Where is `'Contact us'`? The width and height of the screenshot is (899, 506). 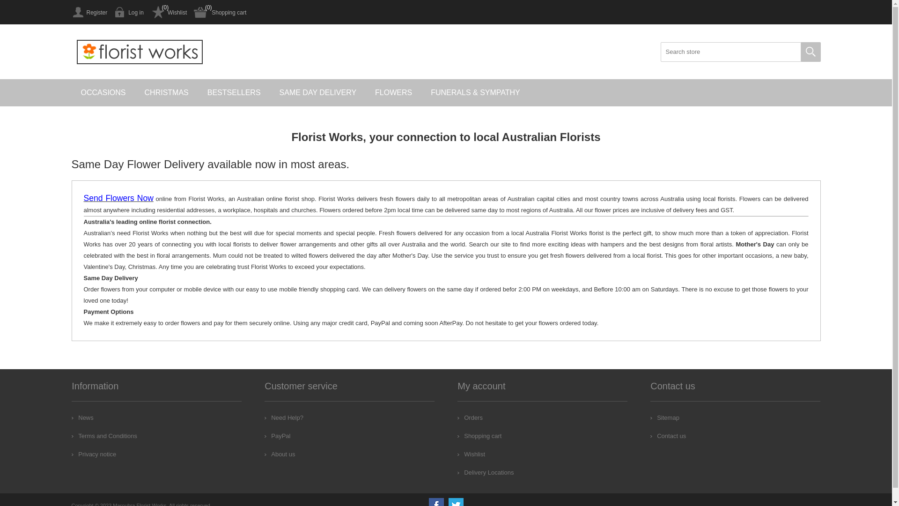 'Contact us' is located at coordinates (667, 436).